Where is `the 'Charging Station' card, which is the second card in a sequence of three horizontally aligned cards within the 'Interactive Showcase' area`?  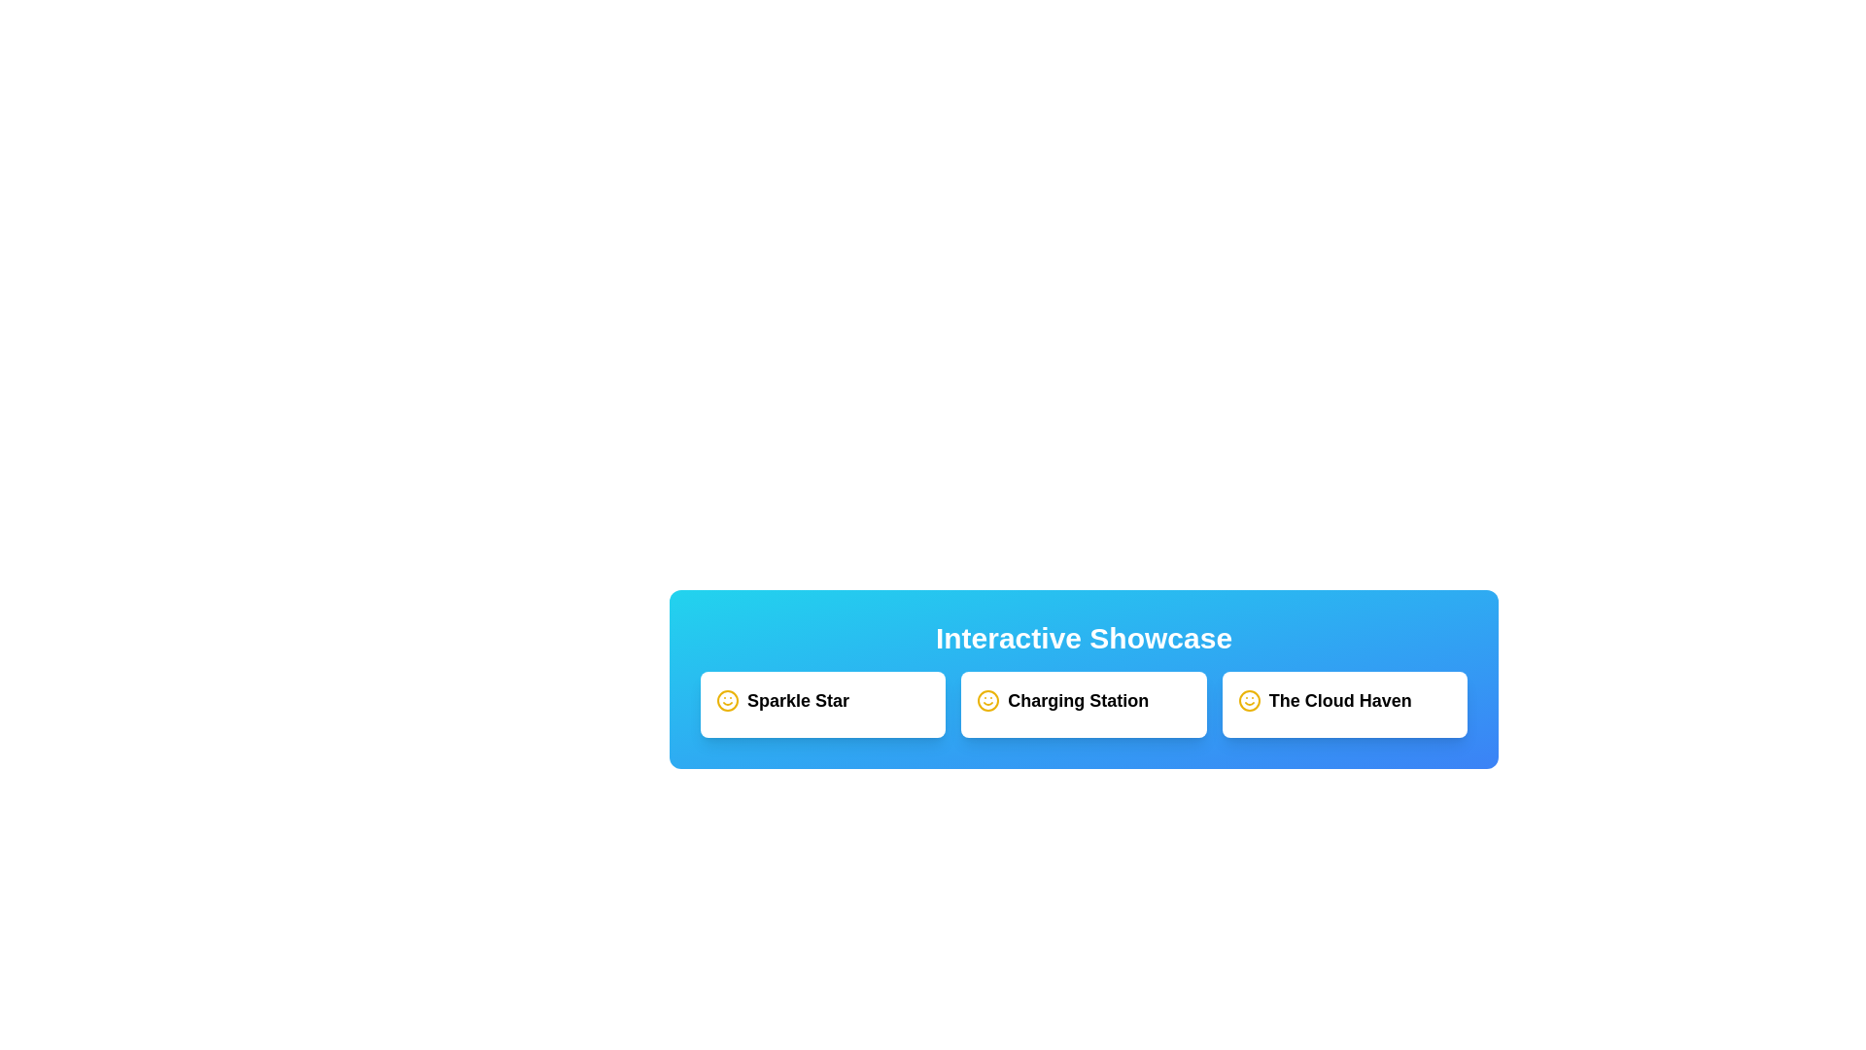 the 'Charging Station' card, which is the second card in a sequence of three horizontally aligned cards within the 'Interactive Showcase' area is located at coordinates (1083, 705).